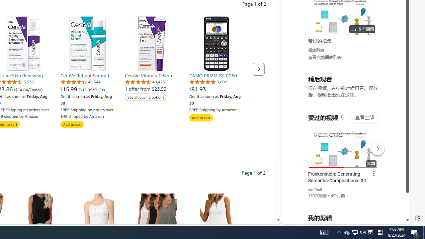  What do you see at coordinates (201, 118) in the screenshot?
I see `'Add to cart'` at bounding box center [201, 118].